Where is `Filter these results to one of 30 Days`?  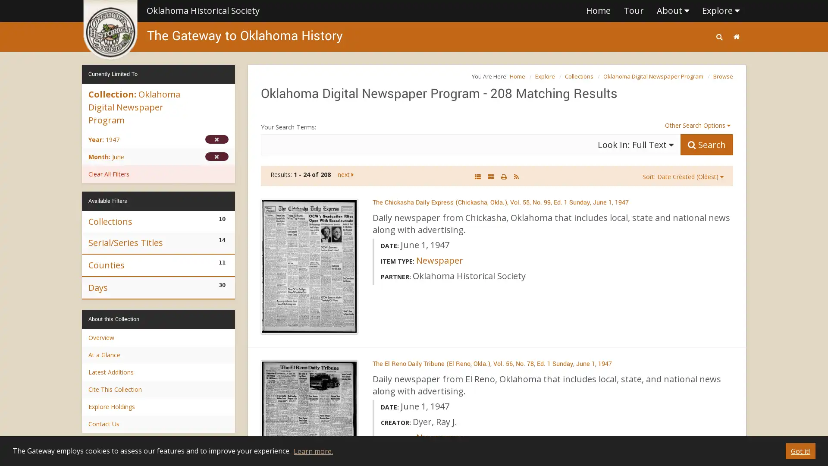 Filter these results to one of 30 Days is located at coordinates (158, 287).